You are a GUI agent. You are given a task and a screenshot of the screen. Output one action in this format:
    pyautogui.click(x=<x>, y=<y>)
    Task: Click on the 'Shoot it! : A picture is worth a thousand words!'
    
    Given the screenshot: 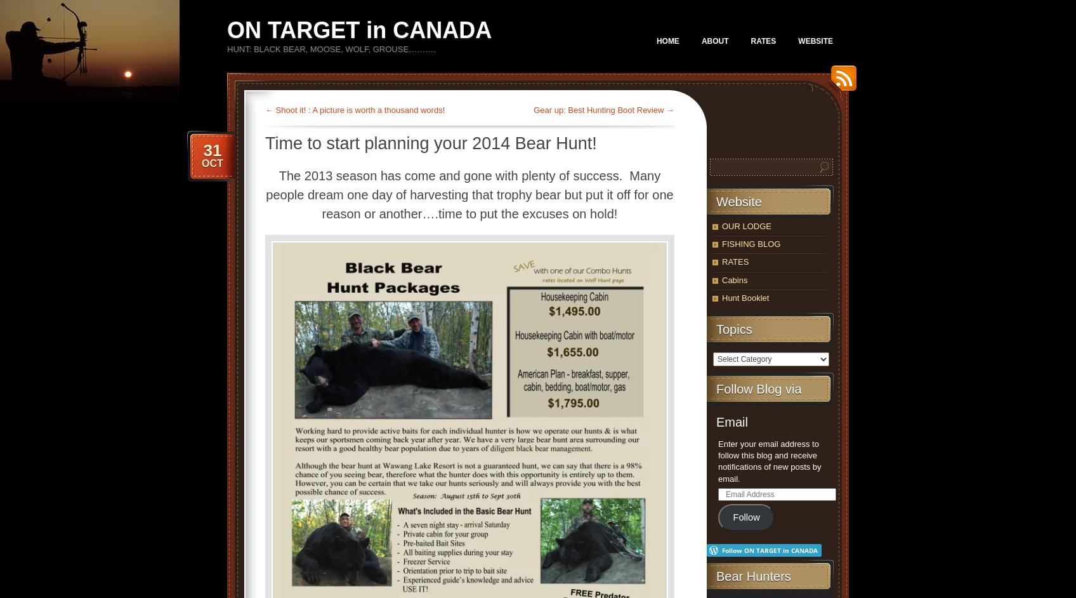 What is the action you would take?
    pyautogui.click(x=358, y=109)
    